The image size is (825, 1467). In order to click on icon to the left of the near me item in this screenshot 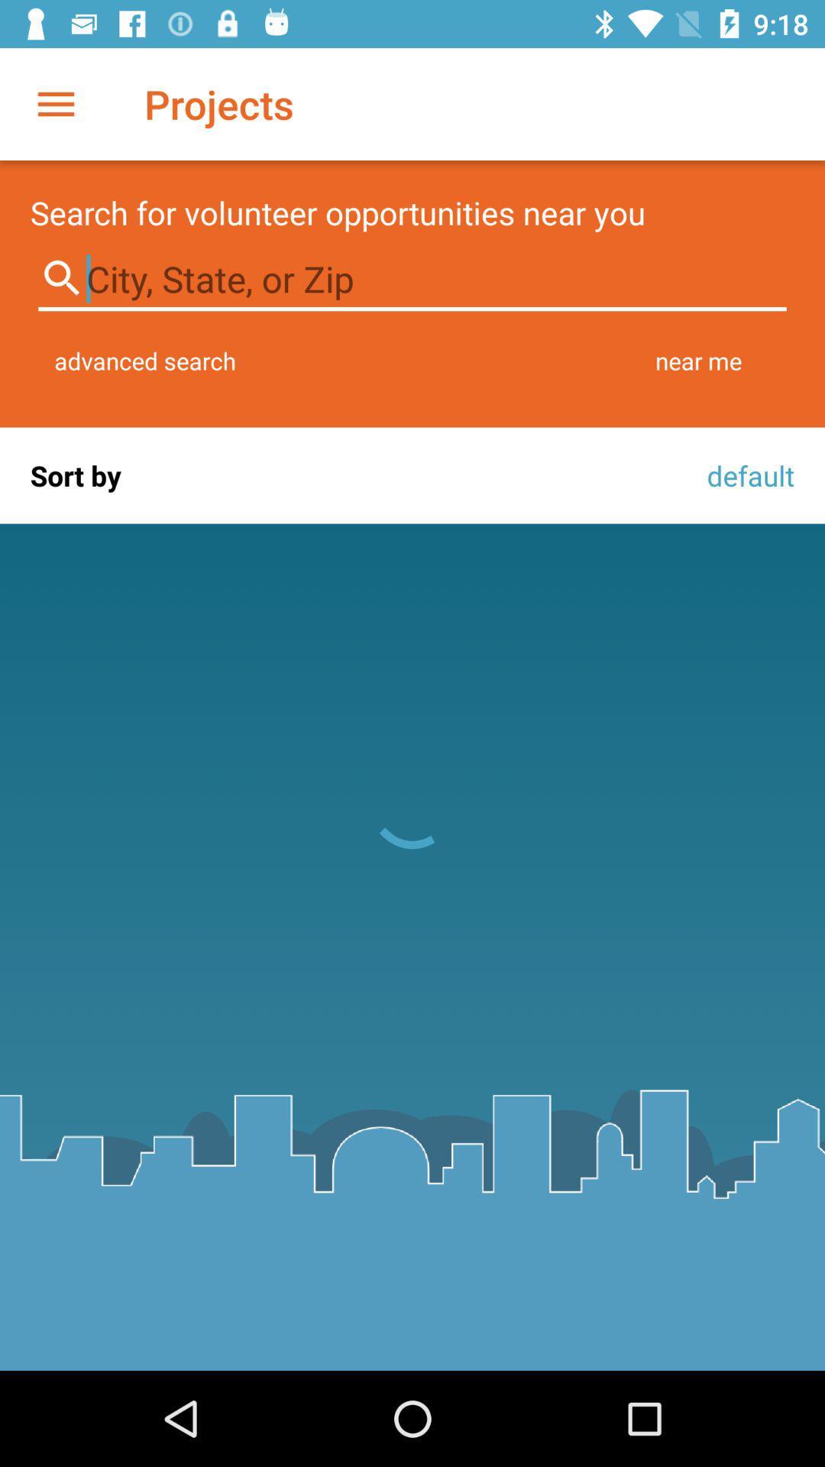, I will do `click(145, 360)`.